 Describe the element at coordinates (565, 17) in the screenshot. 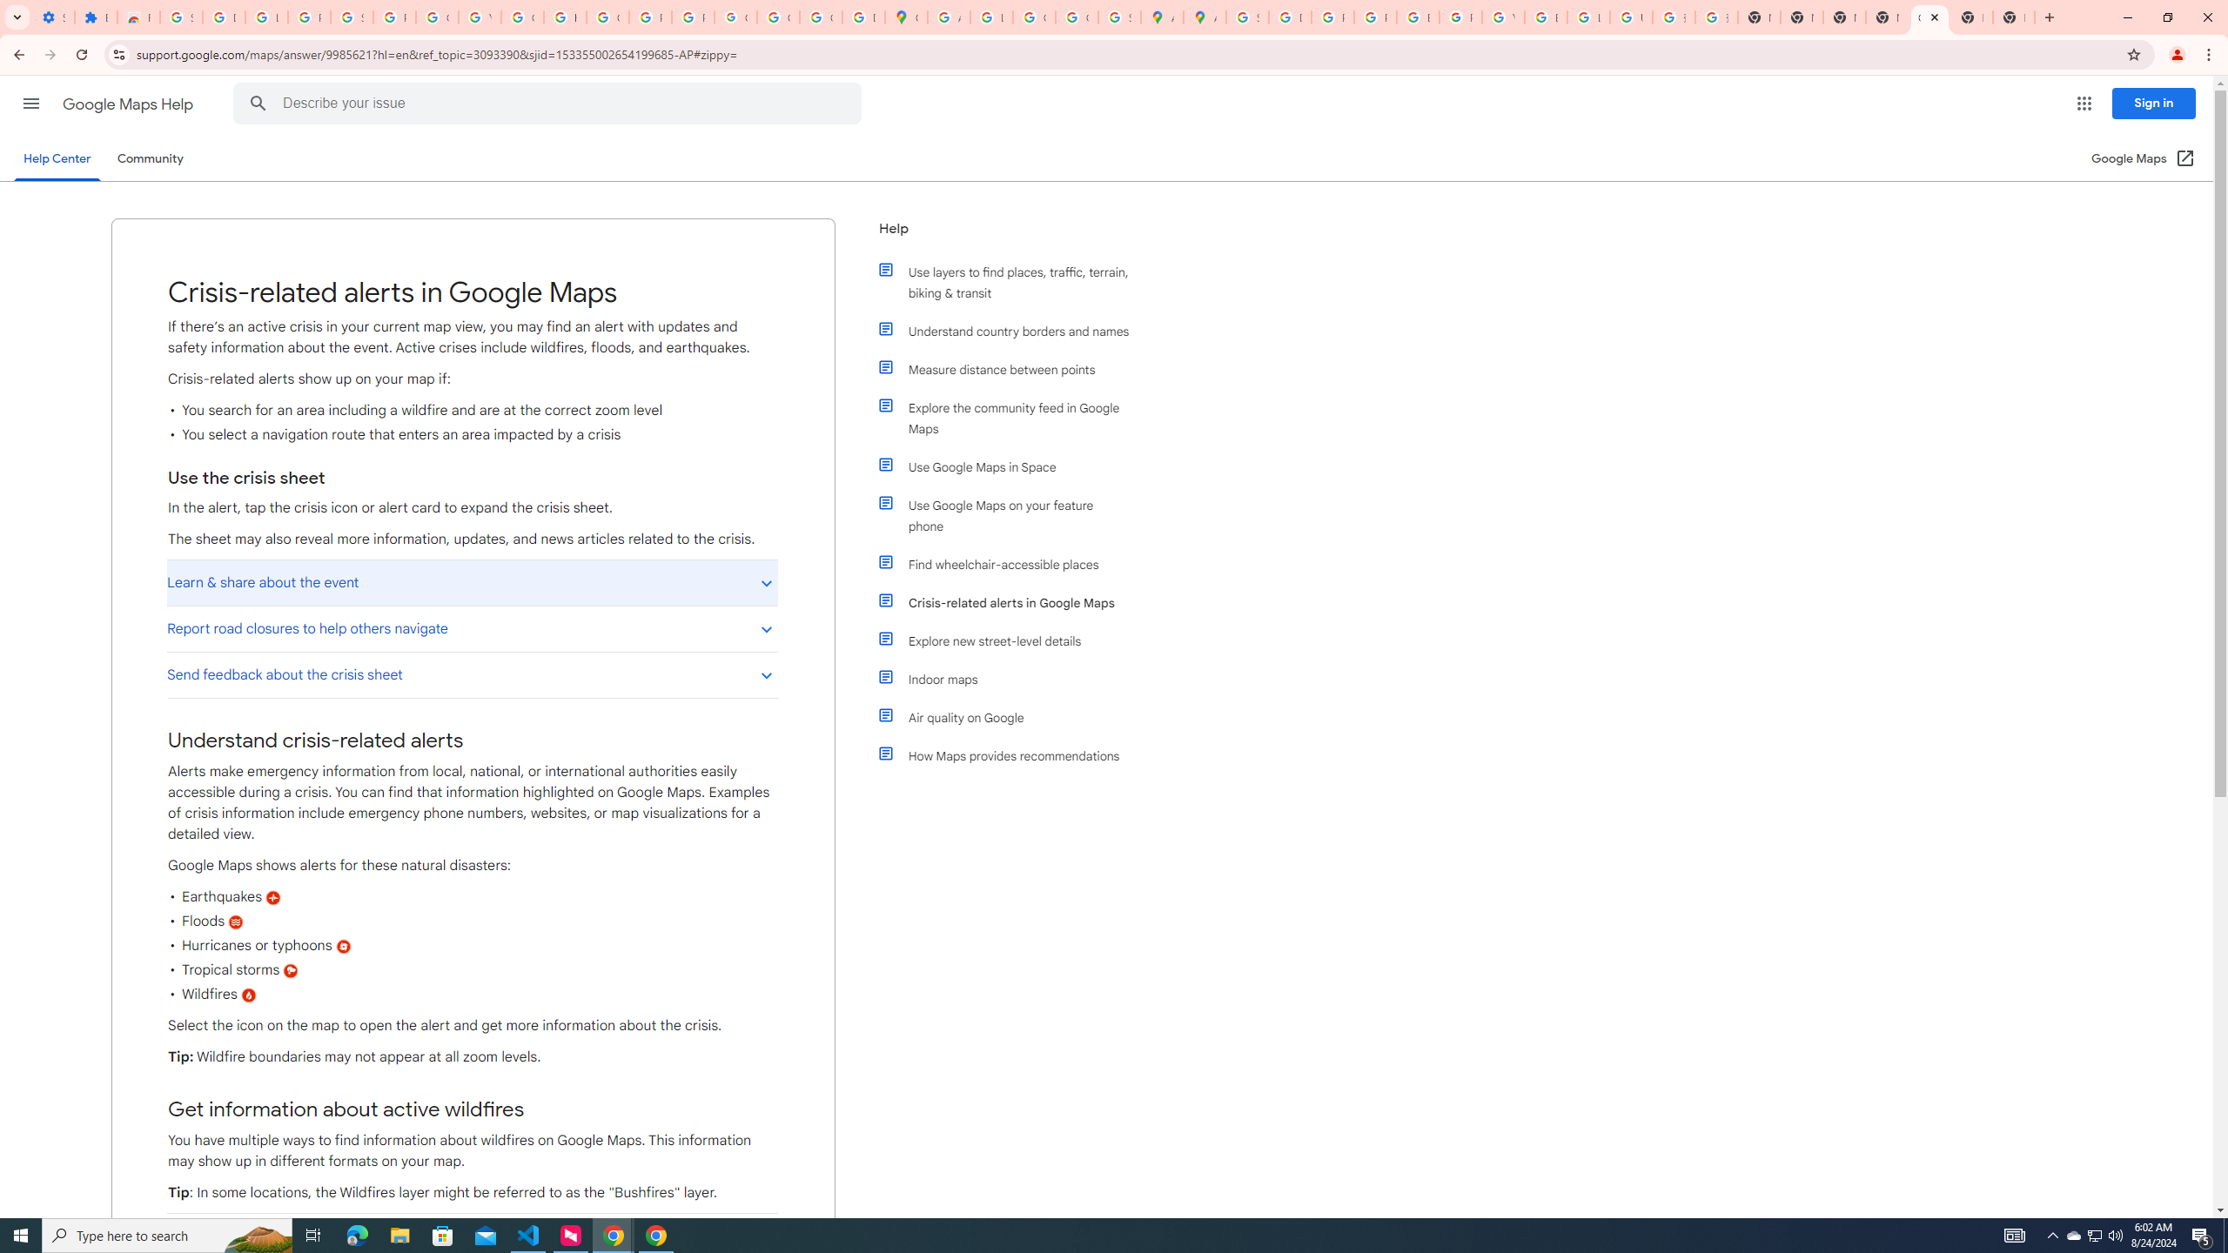

I see `'https://scholar.google.com/'` at that location.